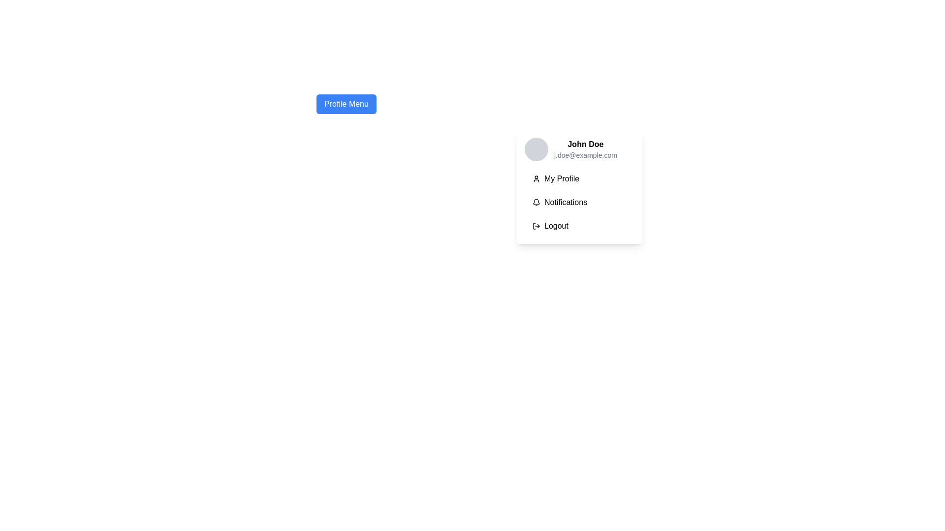 This screenshot has height=531, width=945. What do you see at coordinates (535, 178) in the screenshot?
I see `the user profile icon located to the left of the 'My Profile' text label in the dropdown menu` at bounding box center [535, 178].